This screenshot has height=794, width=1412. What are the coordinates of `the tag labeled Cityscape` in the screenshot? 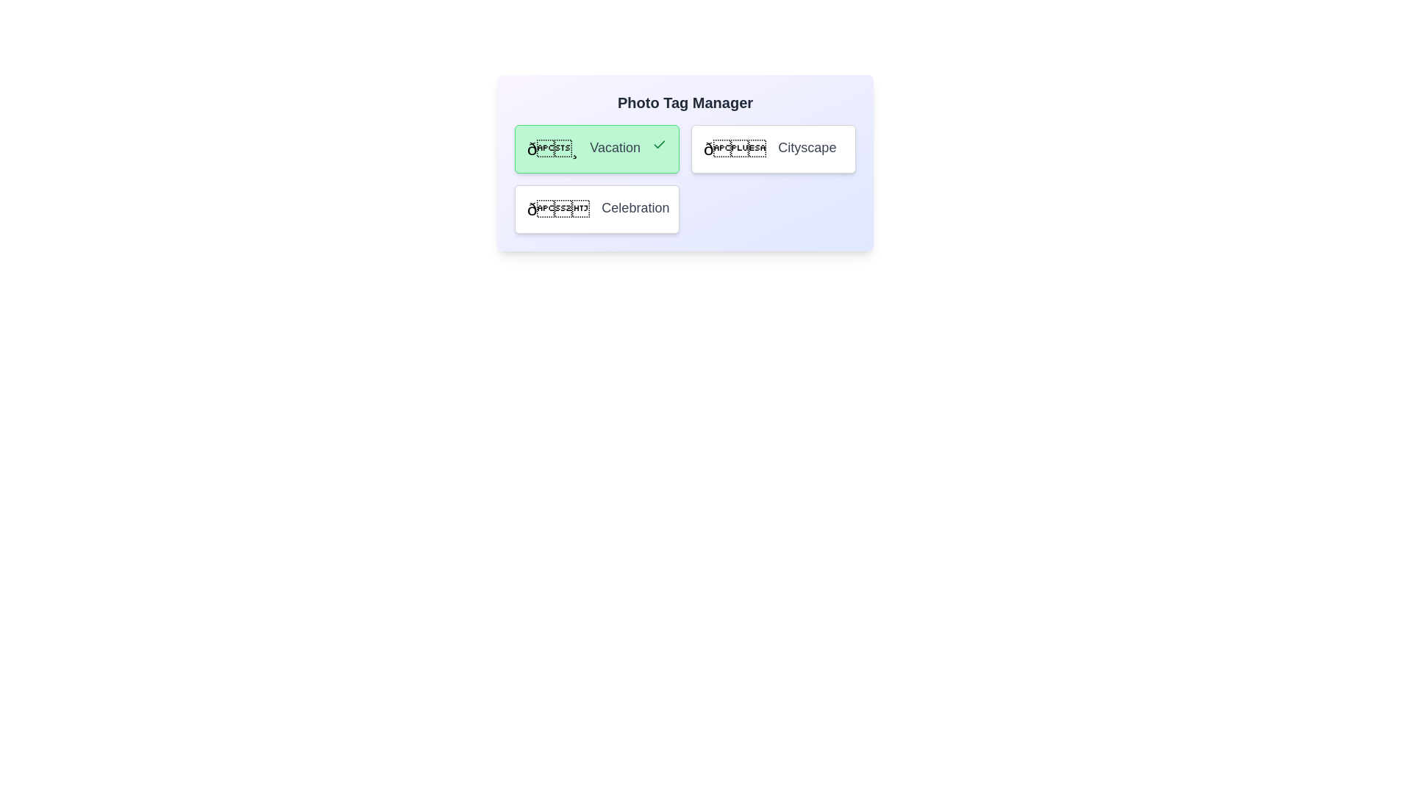 It's located at (772, 149).